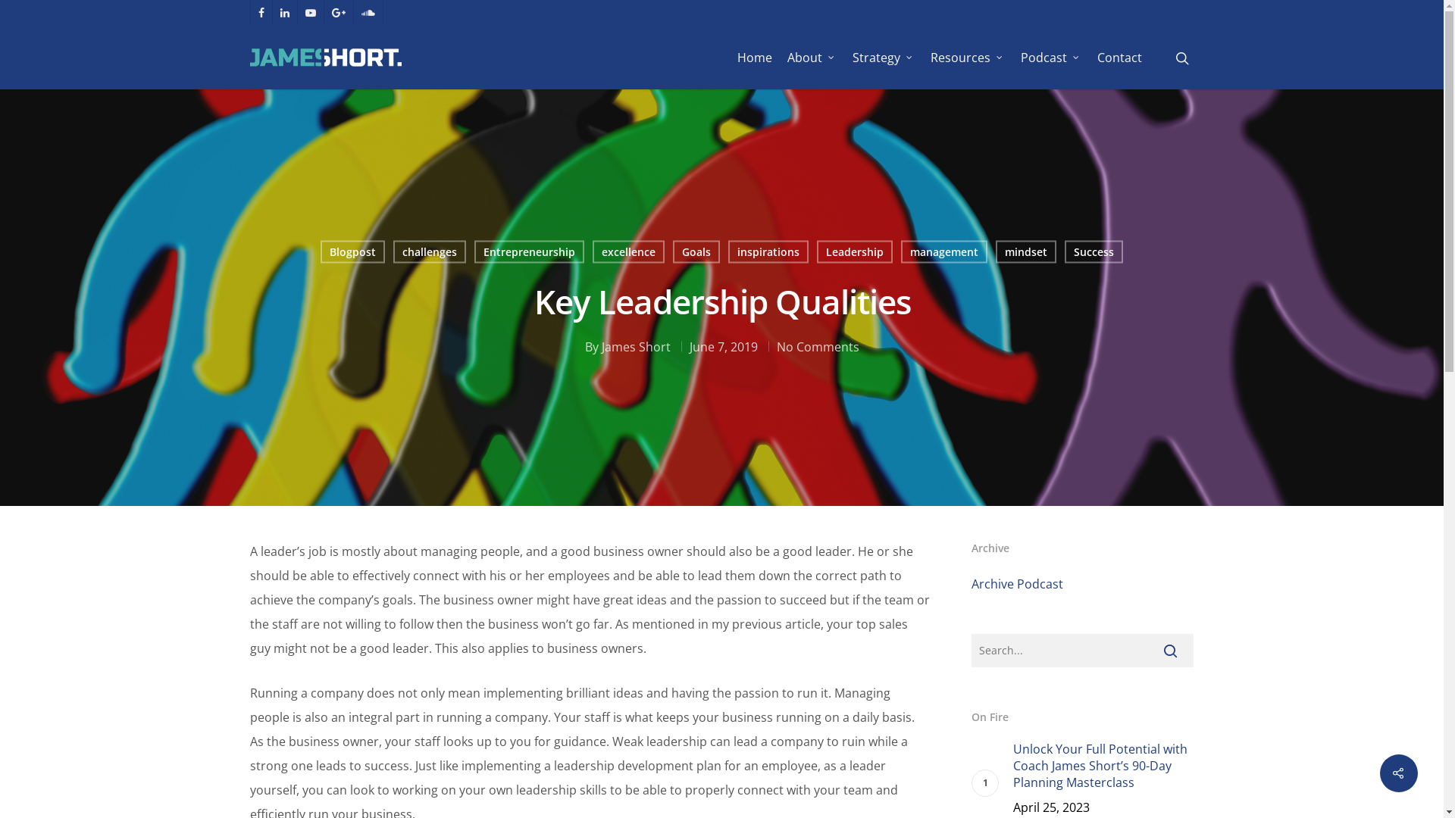  Describe the element at coordinates (884, 57) in the screenshot. I see `'Strategy'` at that location.